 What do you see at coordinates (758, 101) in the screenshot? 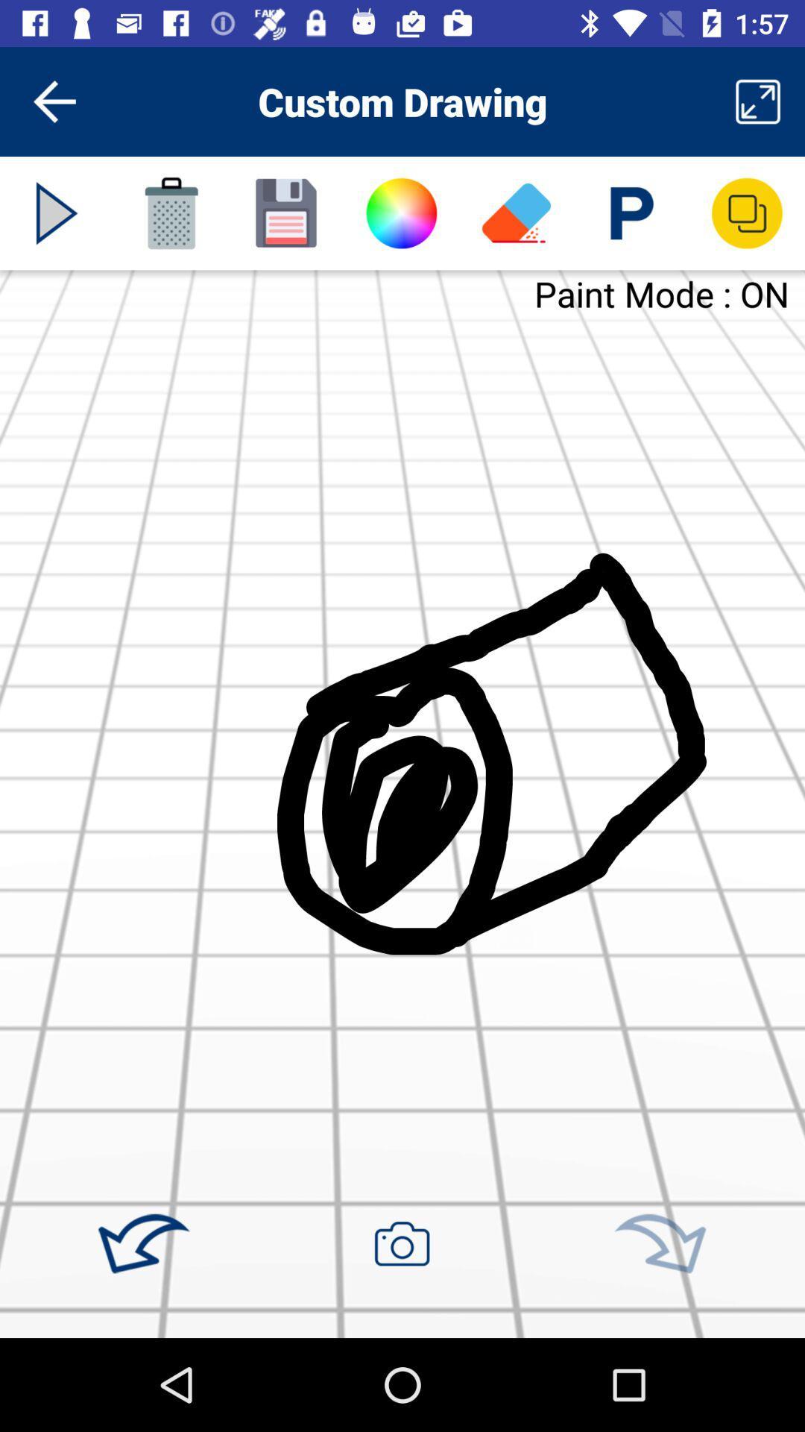
I see `item to the right of custom drawing item` at bounding box center [758, 101].